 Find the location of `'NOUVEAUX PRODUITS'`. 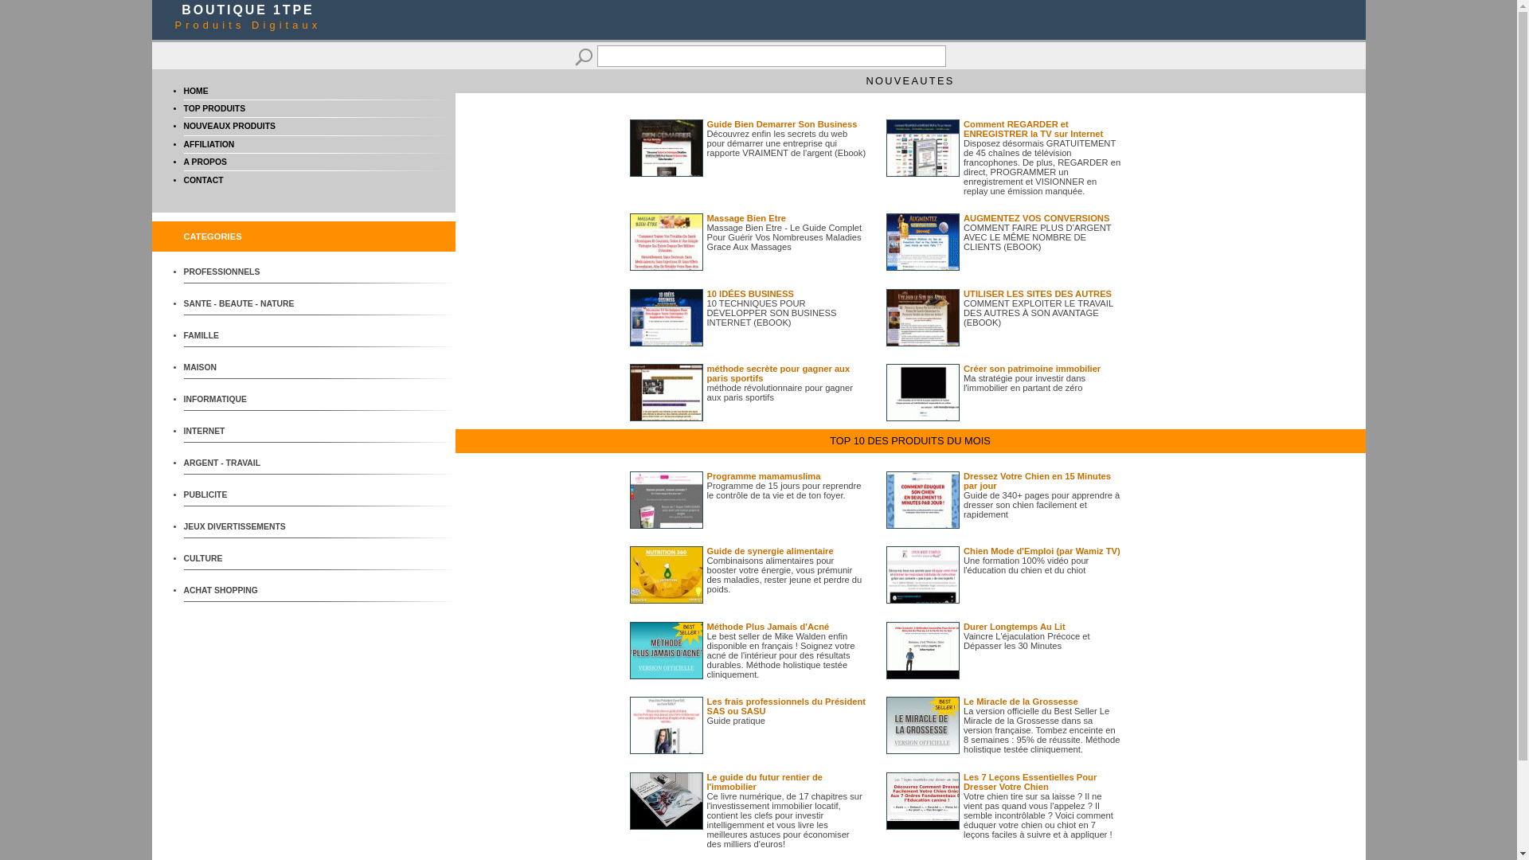

'NOUVEAUX PRODUITS' is located at coordinates (228, 125).